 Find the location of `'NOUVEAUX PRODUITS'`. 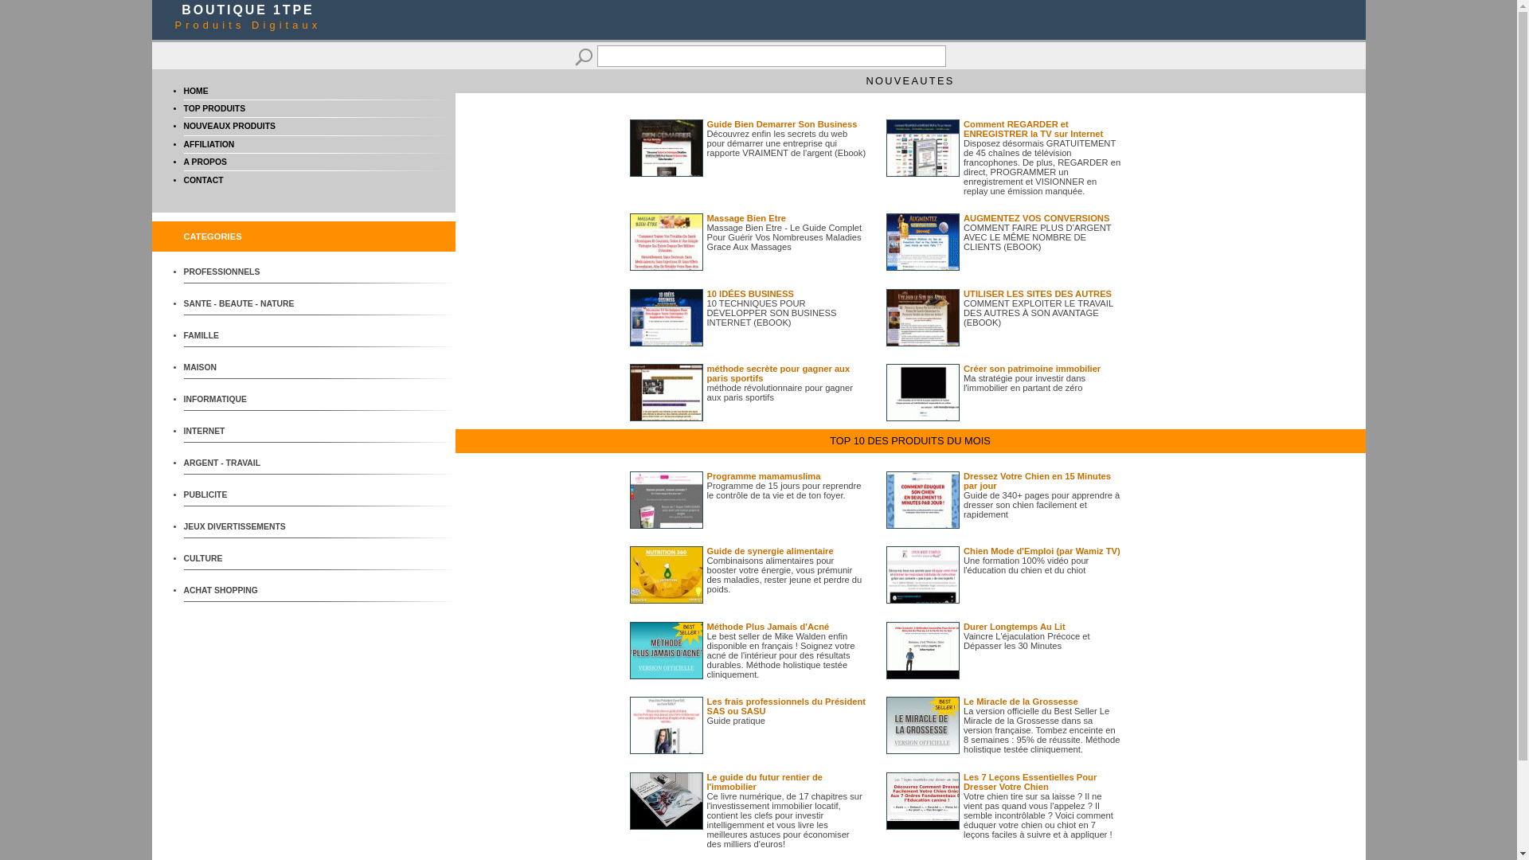

'NOUVEAUX PRODUITS' is located at coordinates (228, 125).